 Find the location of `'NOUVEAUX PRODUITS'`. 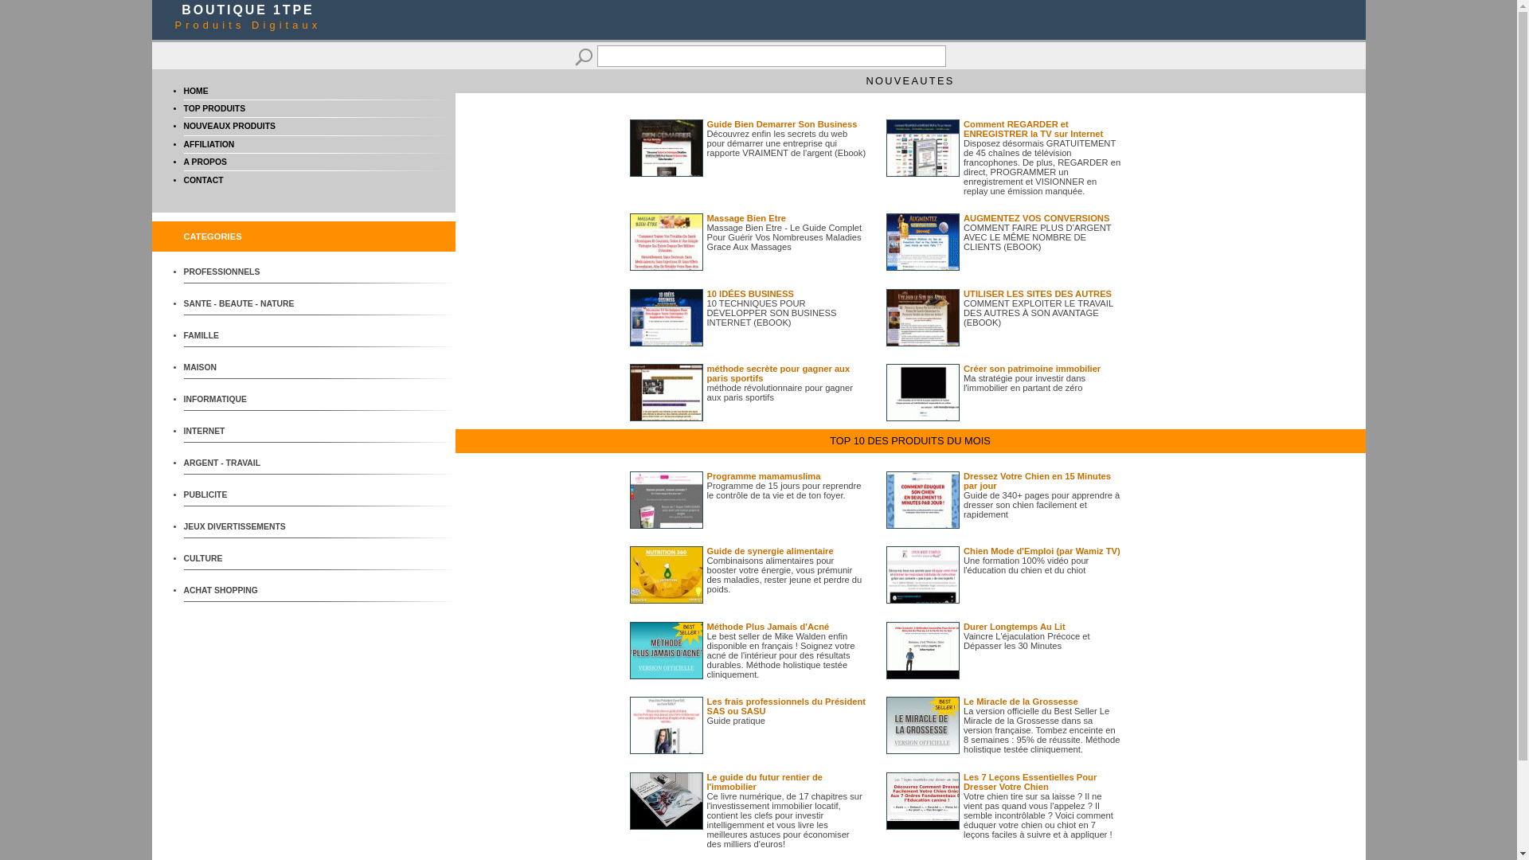

'NOUVEAUX PRODUITS' is located at coordinates (228, 125).